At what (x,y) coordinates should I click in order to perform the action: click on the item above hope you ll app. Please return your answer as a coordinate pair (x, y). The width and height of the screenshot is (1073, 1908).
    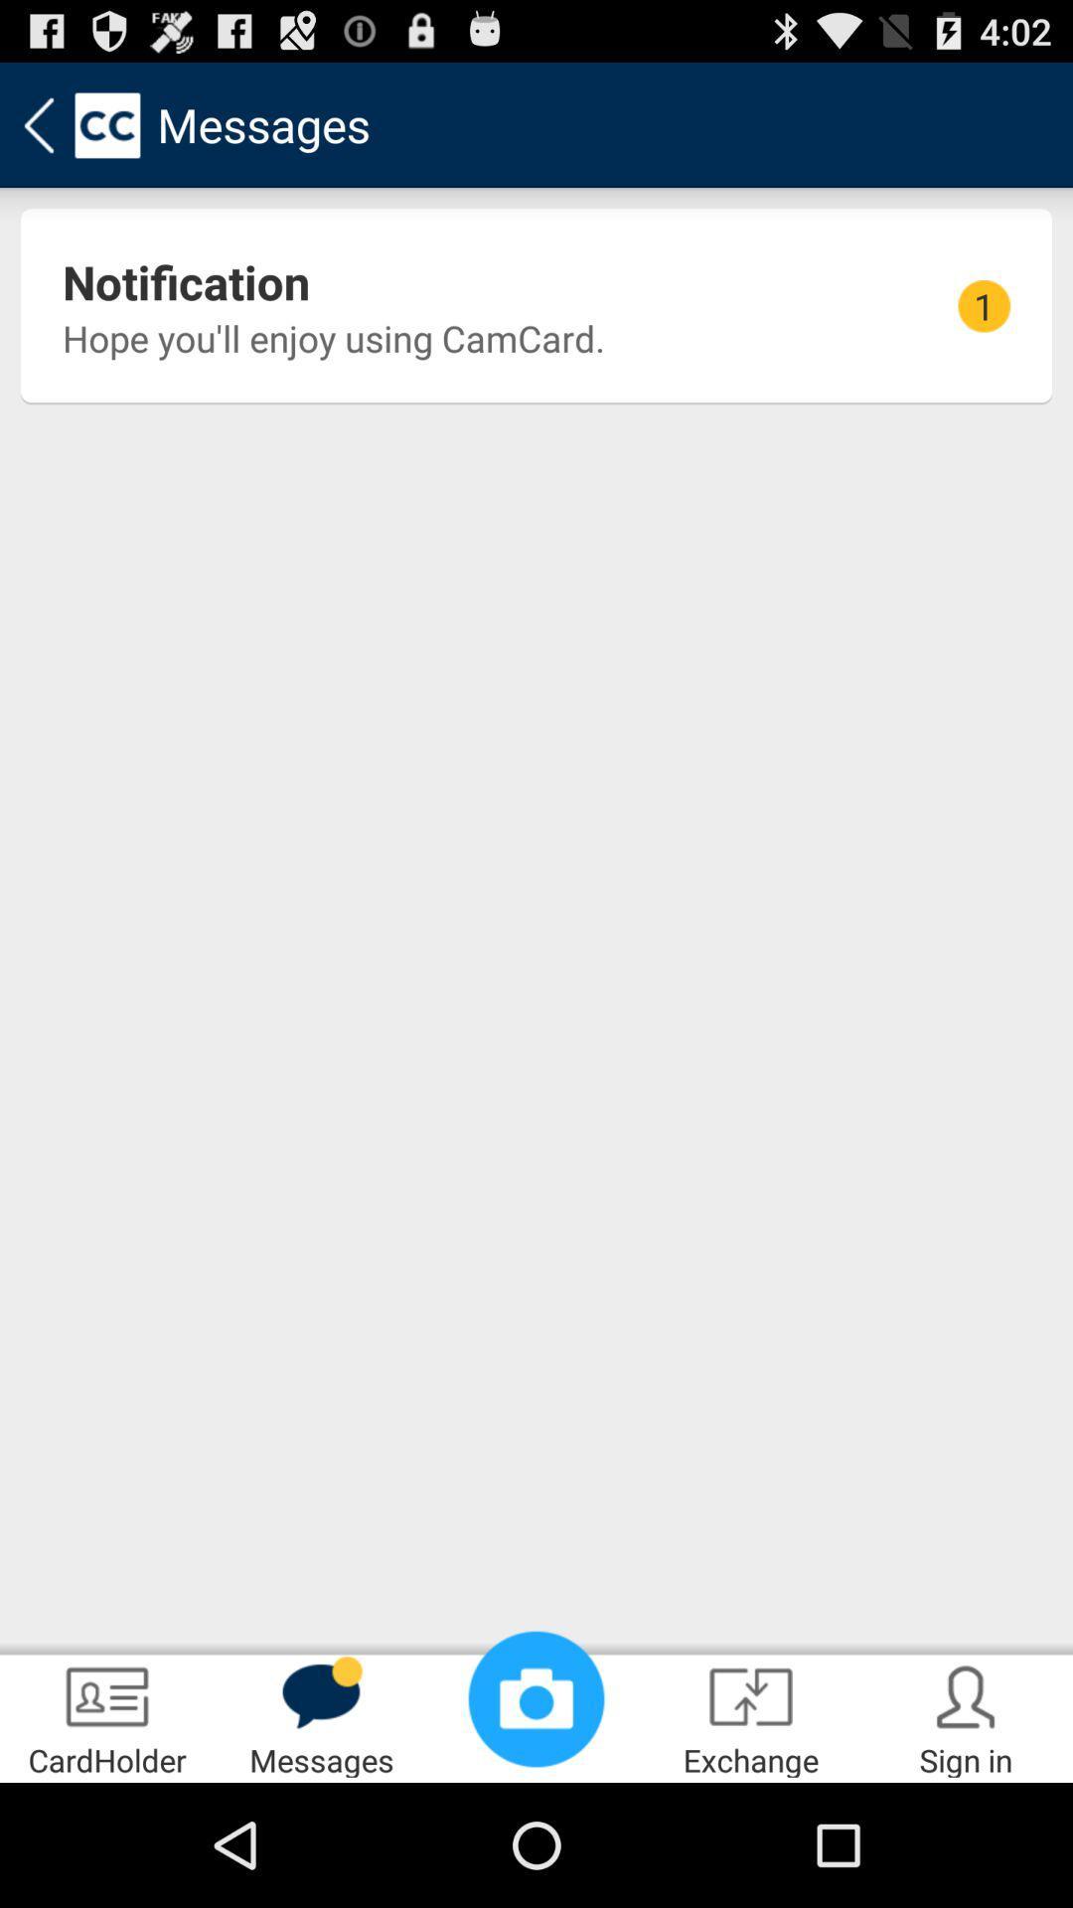
    Looking at the image, I should click on (186, 280).